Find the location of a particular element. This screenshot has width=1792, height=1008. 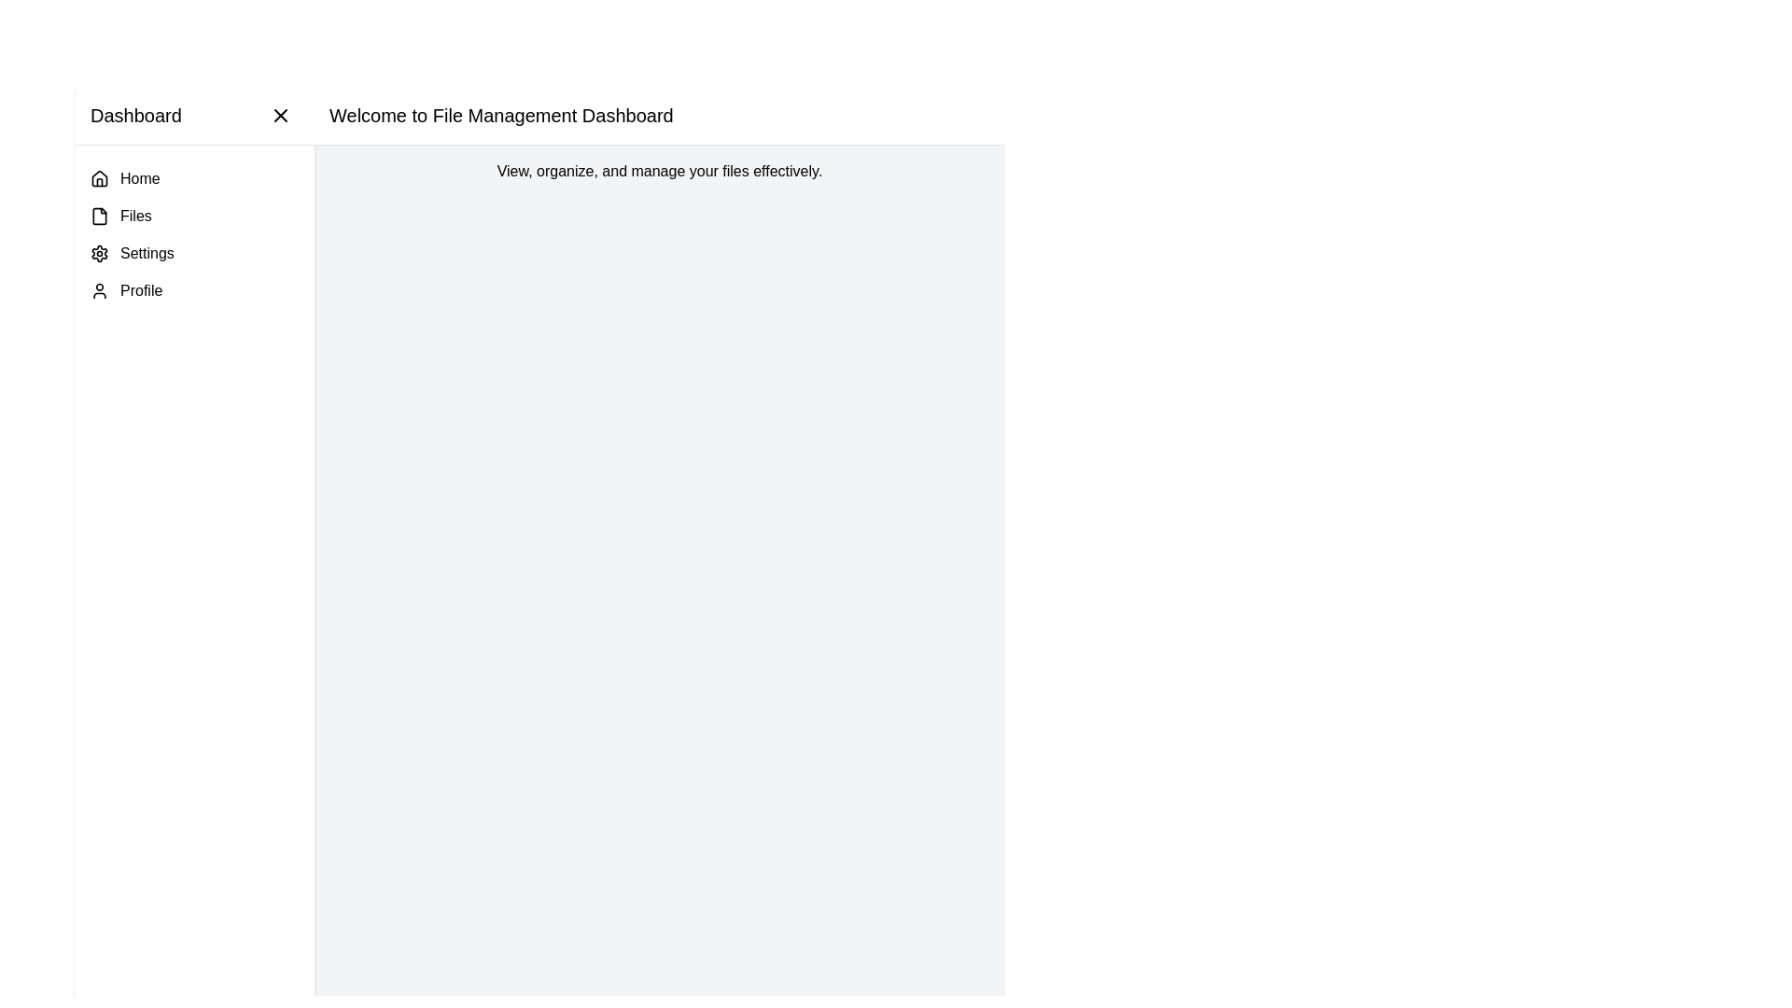

the minimalist 'X' shaped icon in the header section of the dashboard interface is located at coordinates (280, 115).